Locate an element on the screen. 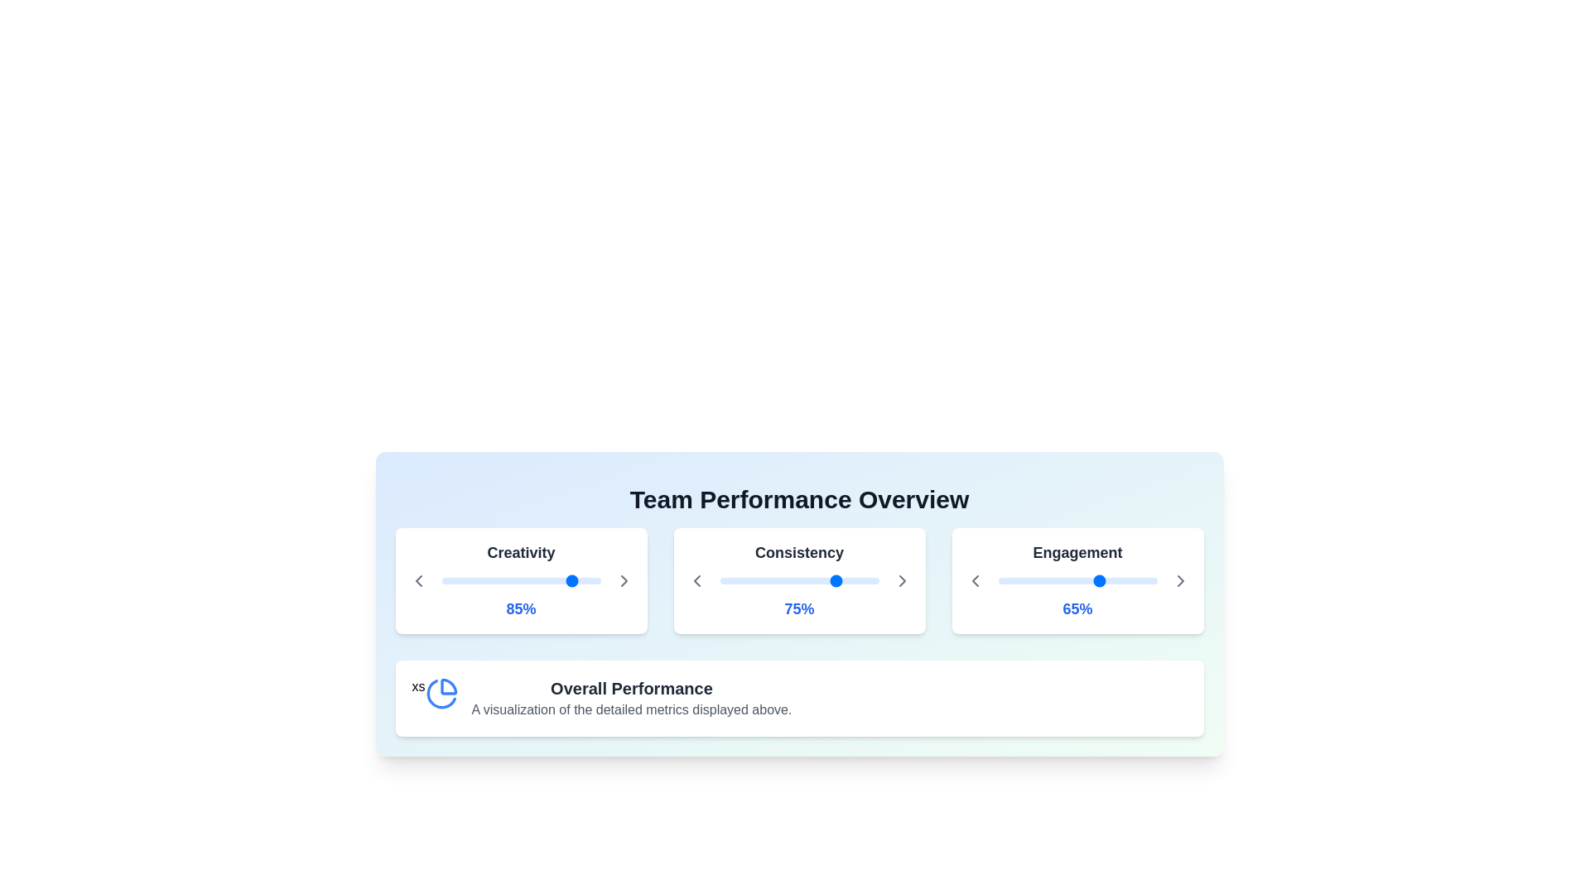 The width and height of the screenshot is (1590, 894). the decrement icon located in the 'Creativity' card is located at coordinates (418, 580).